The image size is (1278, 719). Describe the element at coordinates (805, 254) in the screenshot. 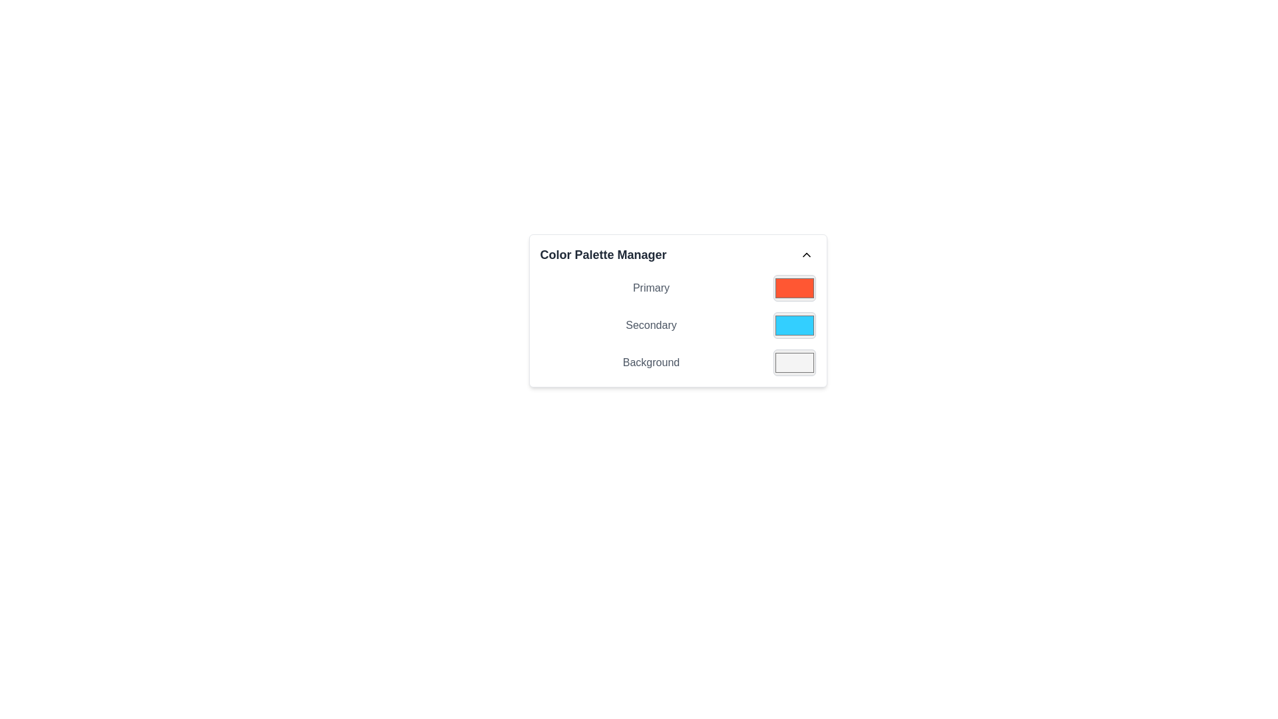

I see `the upward-pointing chevron button` at that location.